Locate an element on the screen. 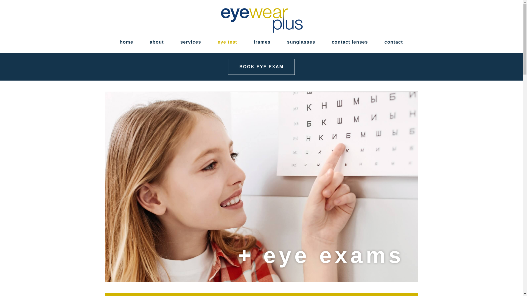 This screenshot has height=296, width=527. 'contact' is located at coordinates (393, 42).